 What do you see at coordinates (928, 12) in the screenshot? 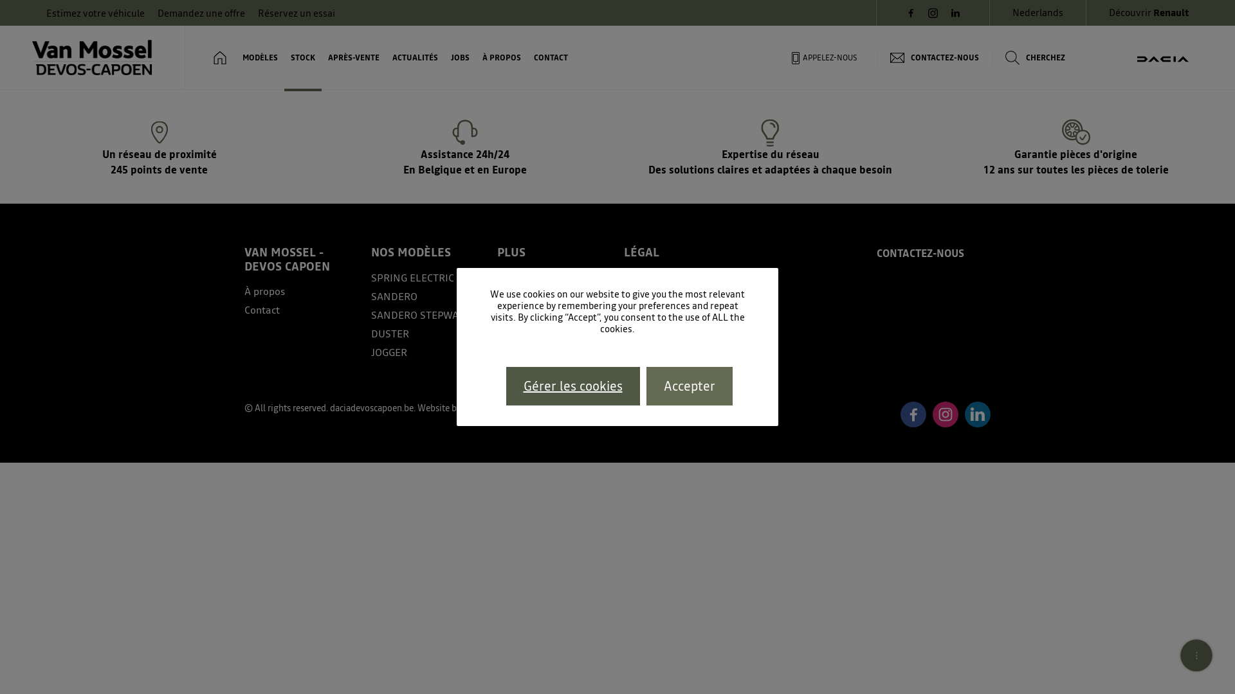
I see `'Instagram'` at bounding box center [928, 12].